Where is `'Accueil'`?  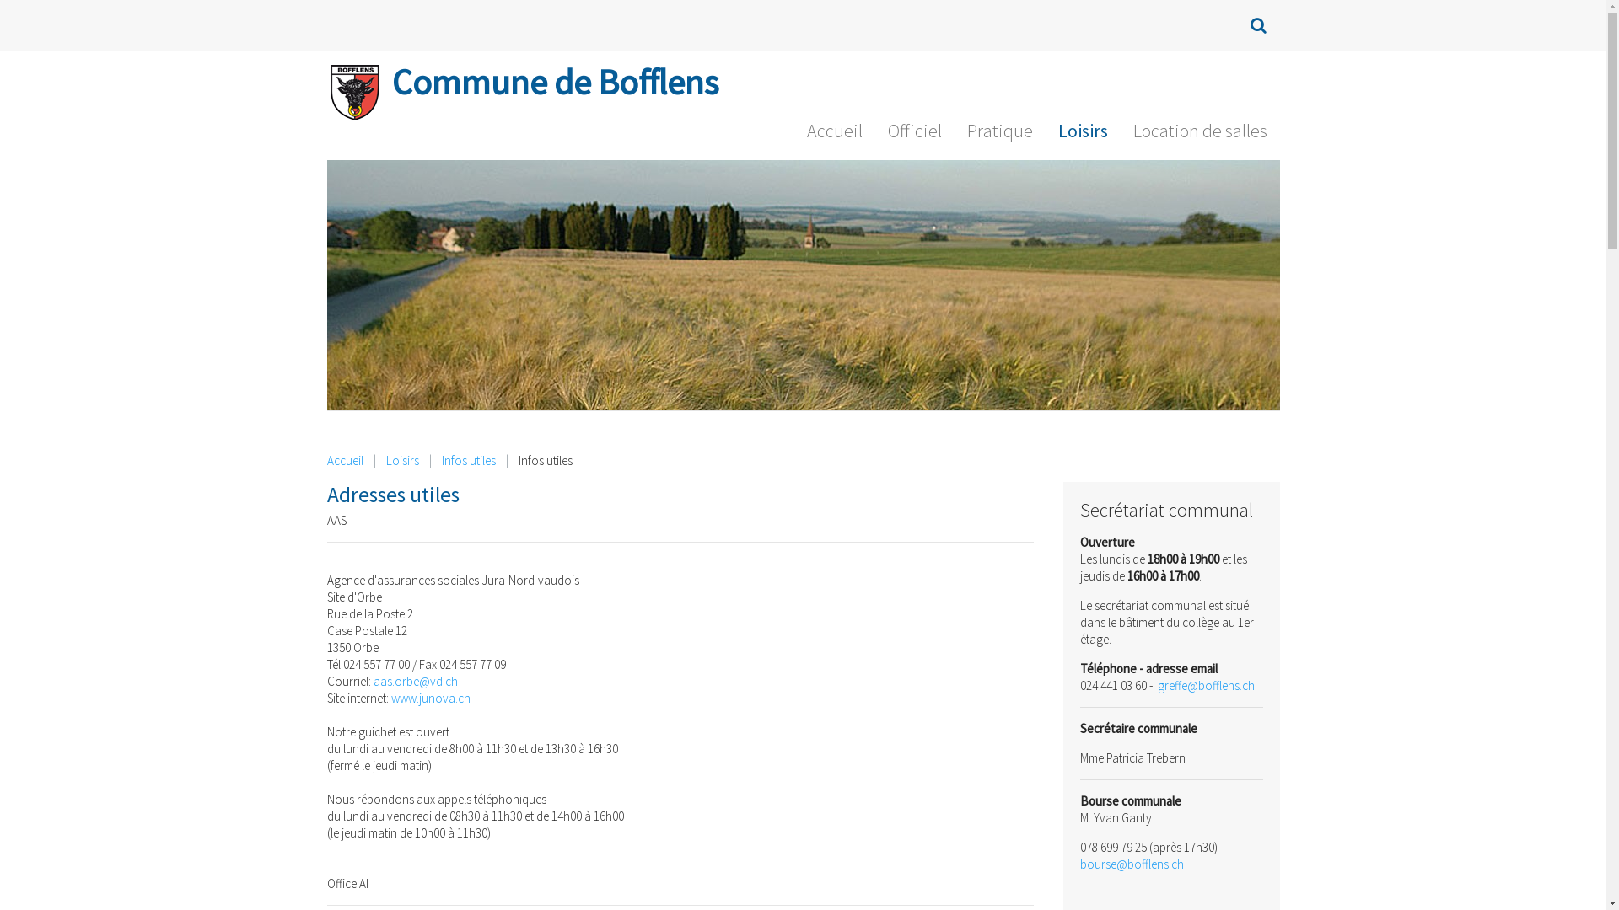 'Accueil' is located at coordinates (344, 461).